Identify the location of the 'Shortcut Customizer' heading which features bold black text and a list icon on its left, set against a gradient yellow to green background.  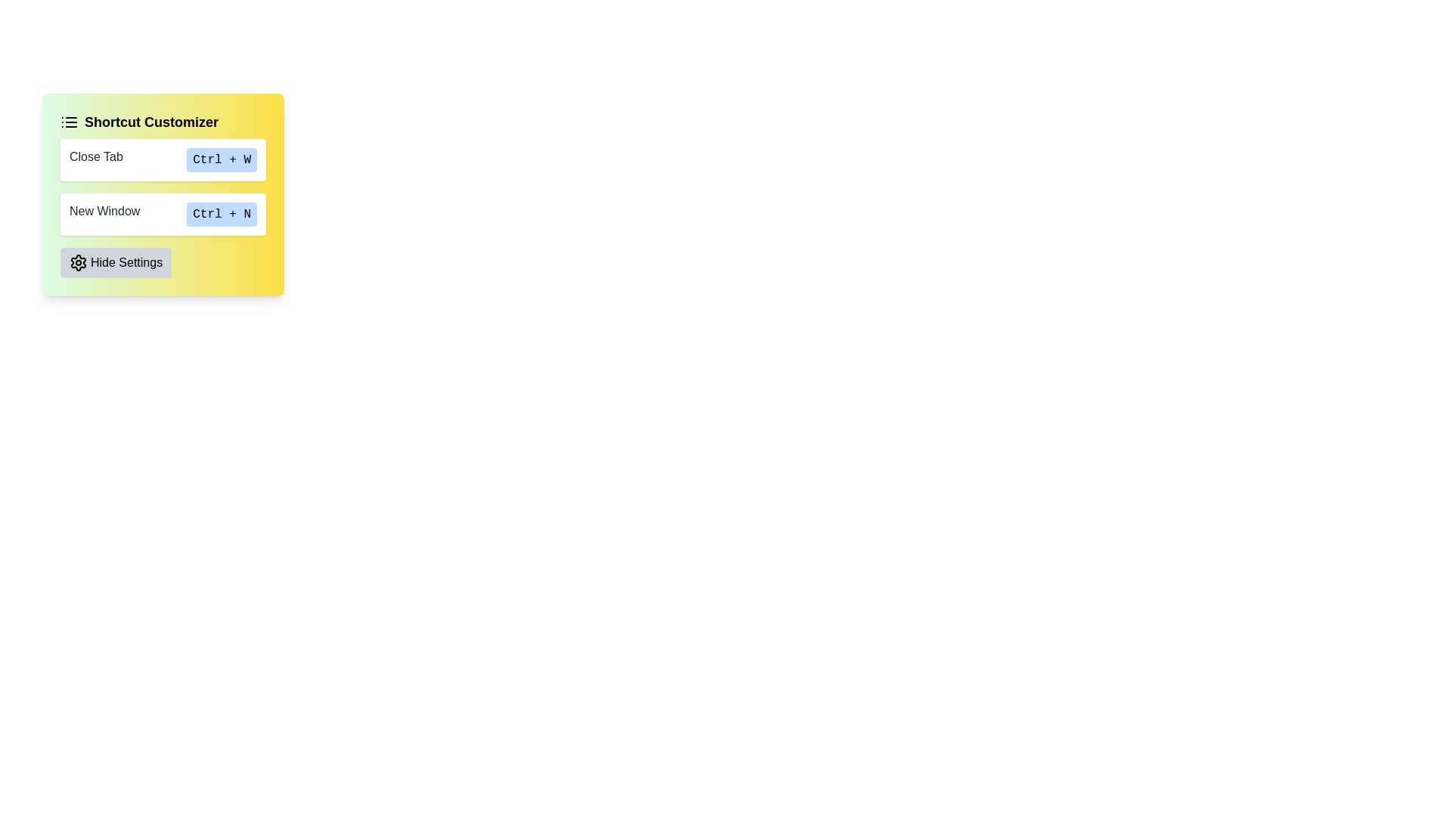
(163, 122).